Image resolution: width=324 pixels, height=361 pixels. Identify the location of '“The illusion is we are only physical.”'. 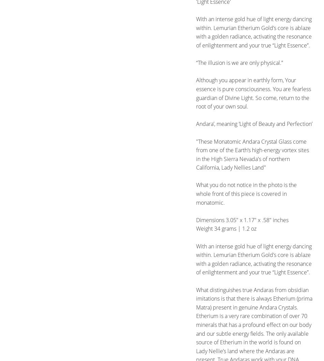
(239, 62).